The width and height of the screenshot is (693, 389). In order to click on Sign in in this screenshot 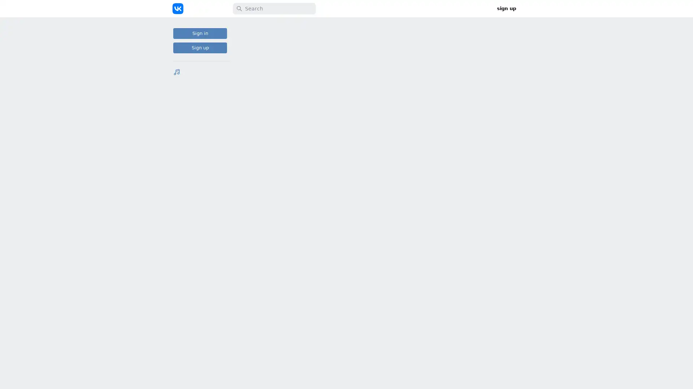, I will do `click(200, 33)`.